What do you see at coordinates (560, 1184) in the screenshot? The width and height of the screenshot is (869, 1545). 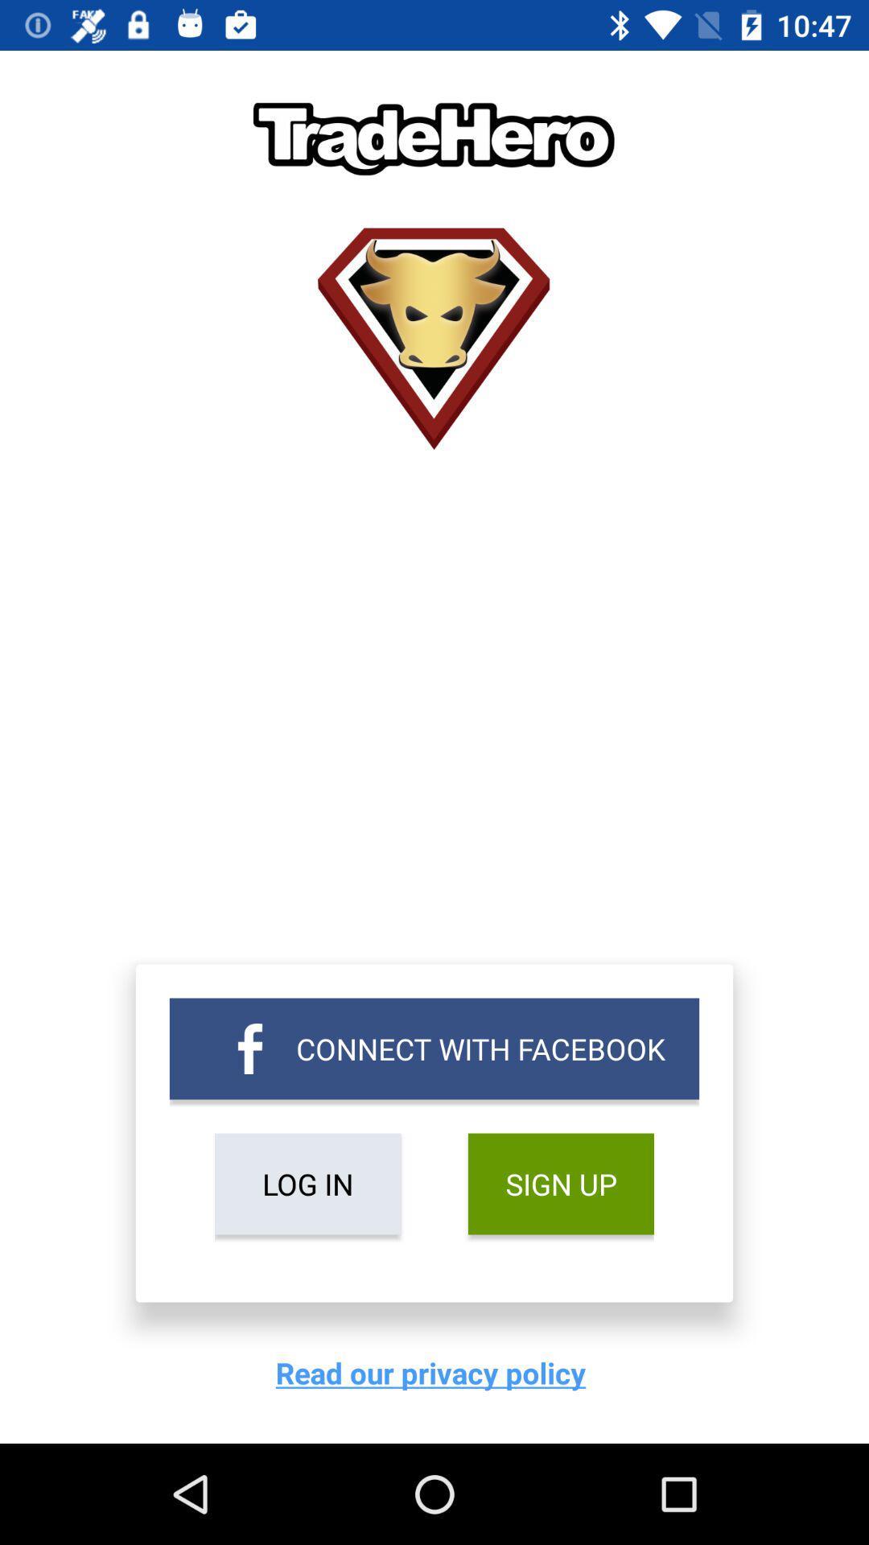 I see `sign up` at bounding box center [560, 1184].